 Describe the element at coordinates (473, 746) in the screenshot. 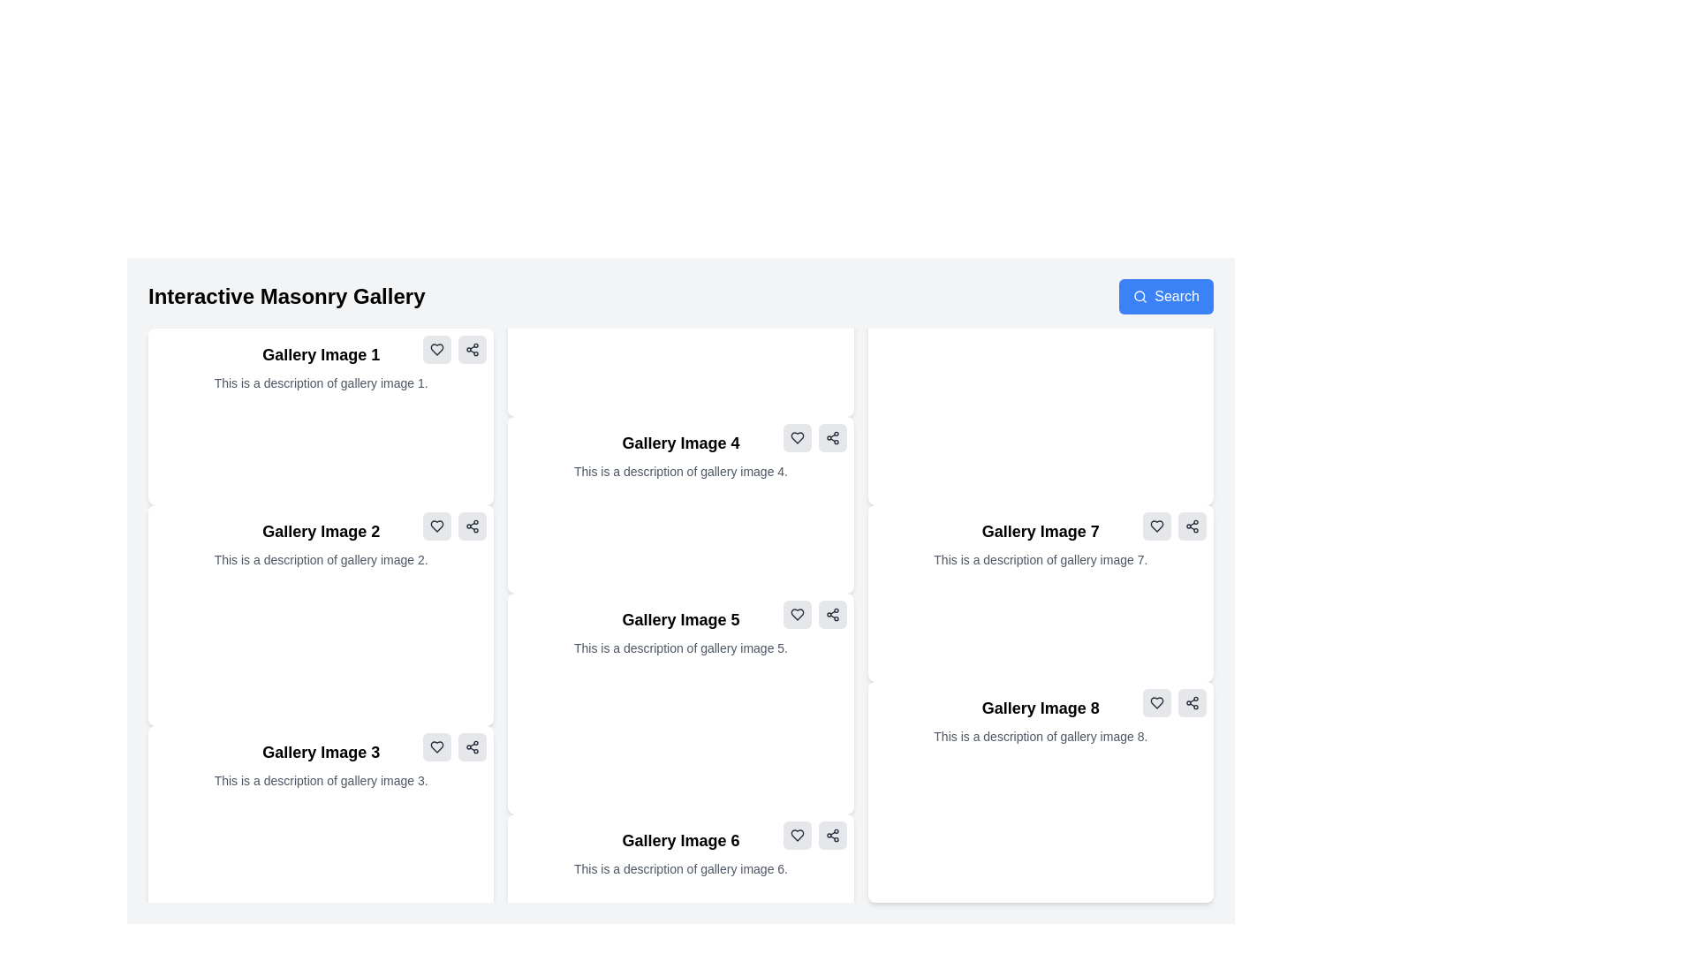

I see `the share button (SVG-based icon) located within the 'Gallery Image 3' card, positioned right of the text description and beside the heart icon` at that location.